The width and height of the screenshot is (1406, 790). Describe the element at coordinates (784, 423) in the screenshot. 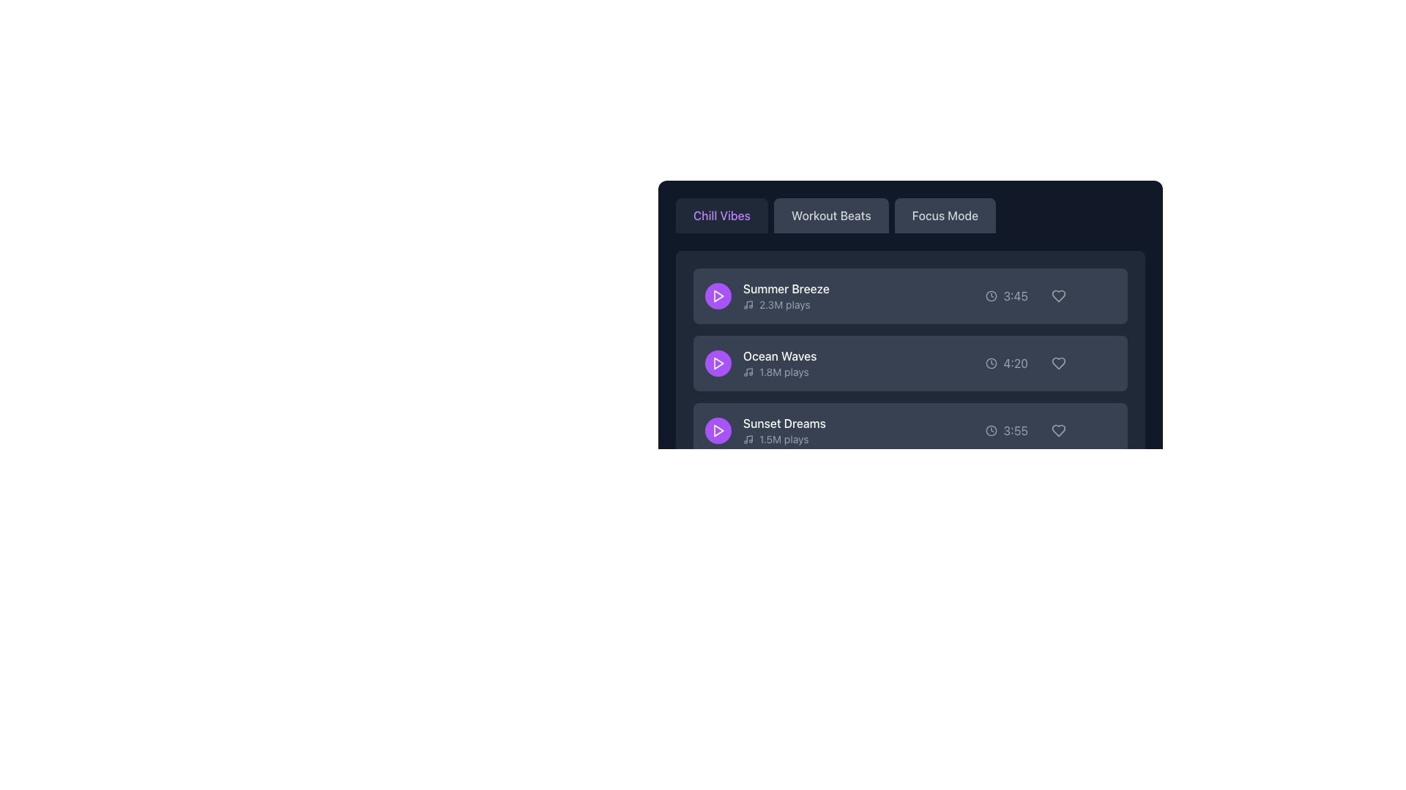

I see `the 'Sunset Dreams' text label, which is styled in white and positioned above the play count '1.5M plays' in the list of tracks` at that location.